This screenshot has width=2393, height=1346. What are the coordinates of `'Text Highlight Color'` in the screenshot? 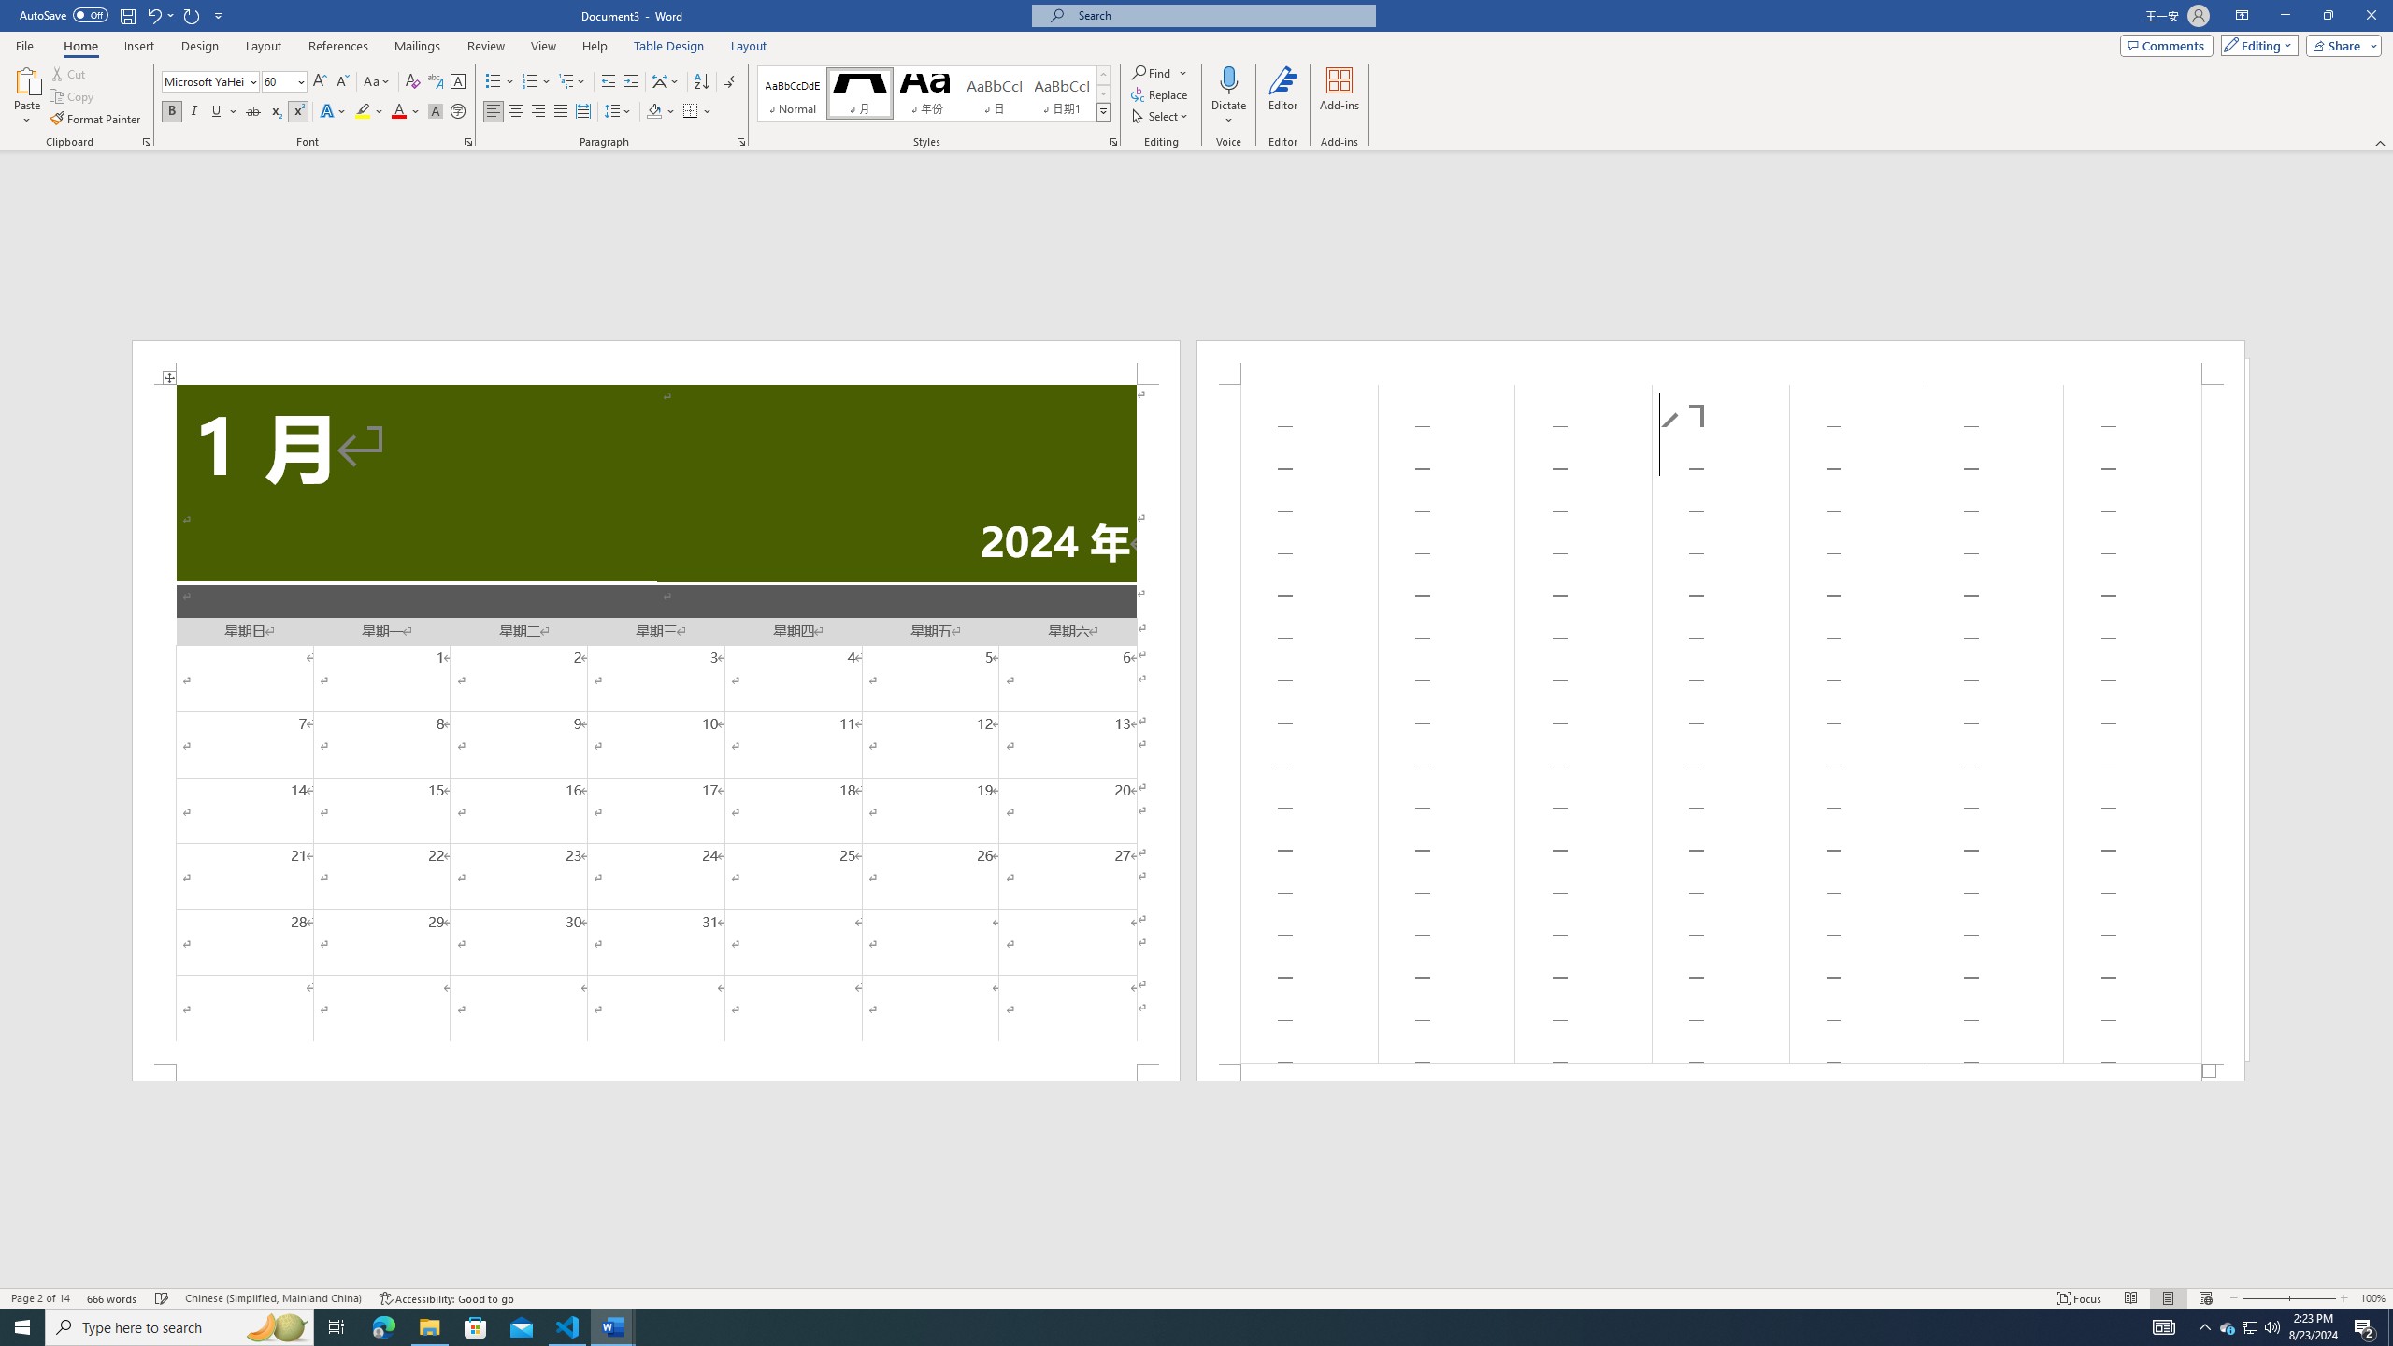 It's located at (369, 110).